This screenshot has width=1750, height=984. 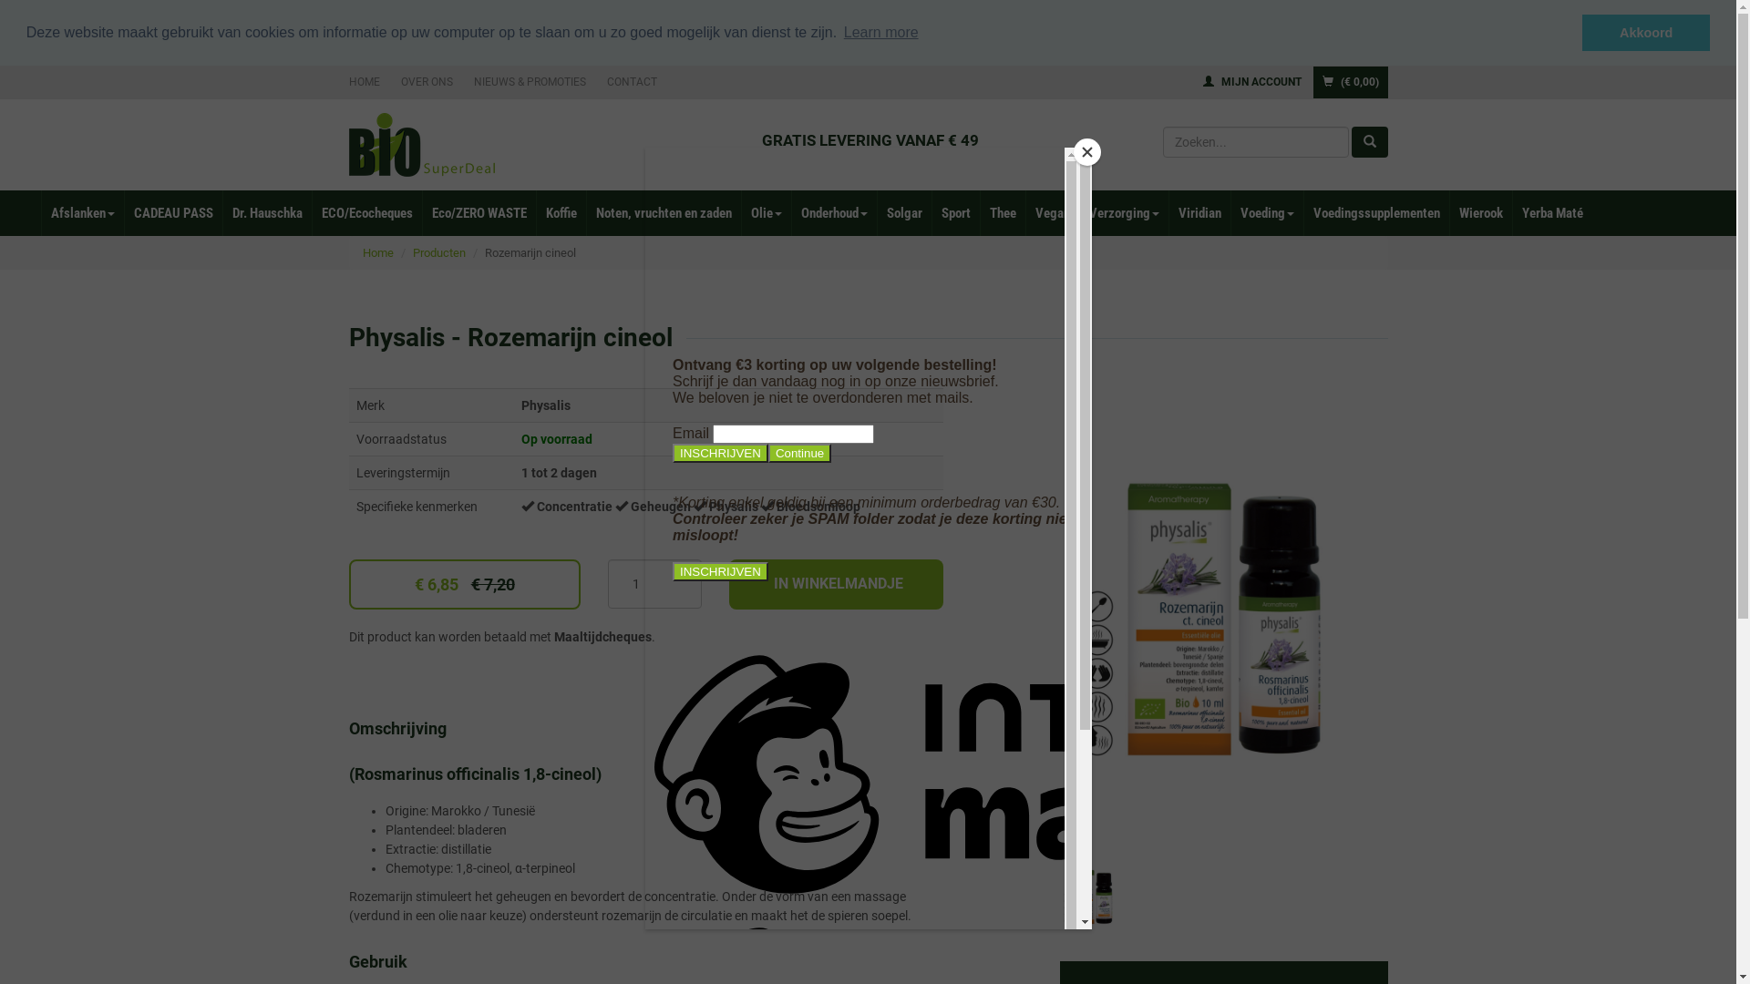 What do you see at coordinates (535, 210) in the screenshot?
I see `'Koffie'` at bounding box center [535, 210].